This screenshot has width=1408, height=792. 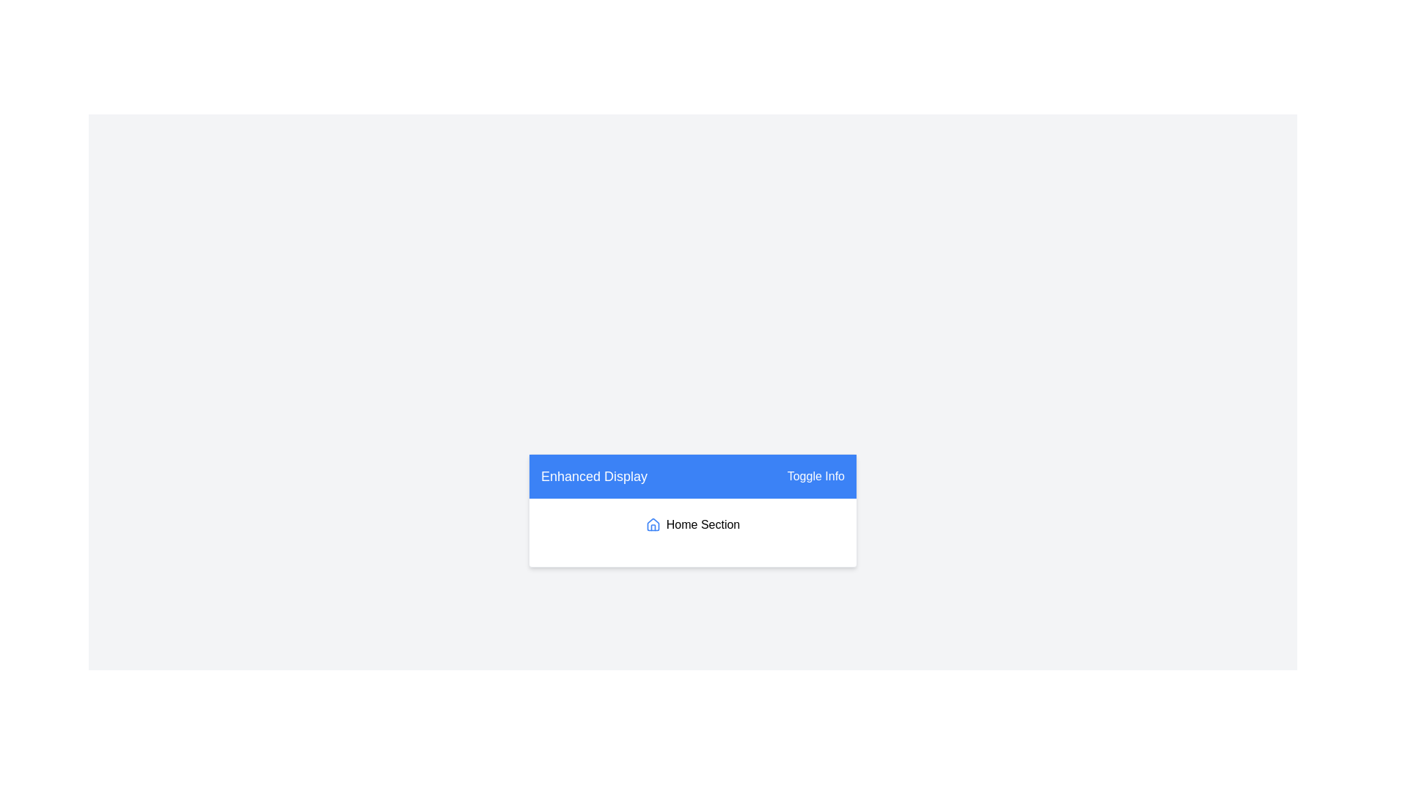 What do you see at coordinates (703, 523) in the screenshot?
I see `the static text label reading 'Home Section', which is styled with a standard sans-serif font and positioned adjacent to a house icon` at bounding box center [703, 523].